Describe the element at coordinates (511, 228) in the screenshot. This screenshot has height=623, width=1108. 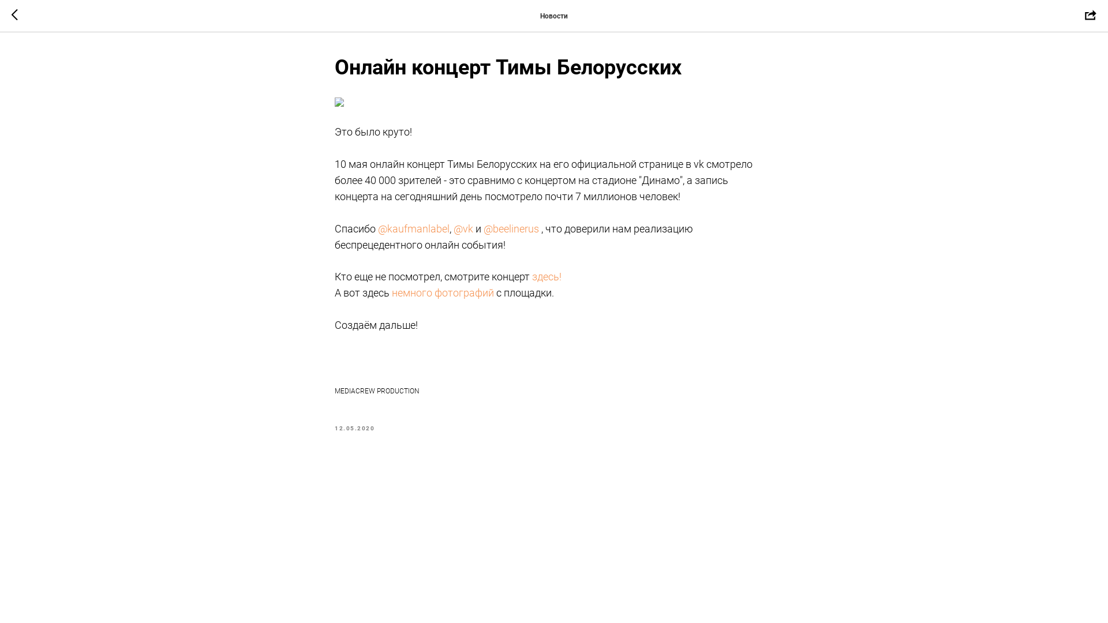
I see `'@beelinerus'` at that location.